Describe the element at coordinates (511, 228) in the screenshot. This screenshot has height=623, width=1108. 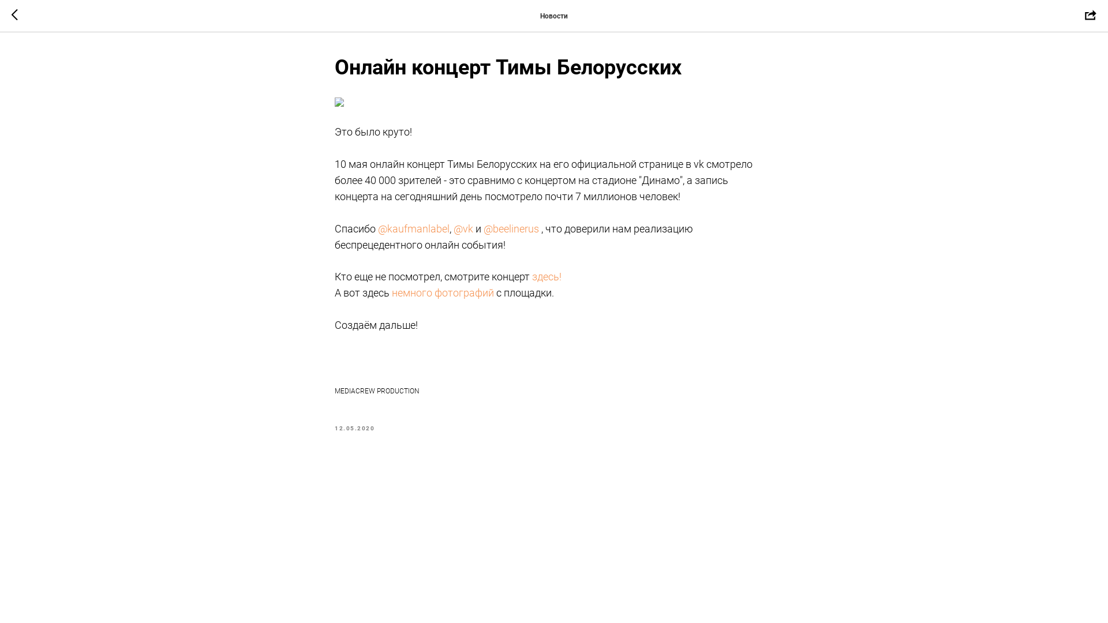
I see `'@beelinerus'` at that location.